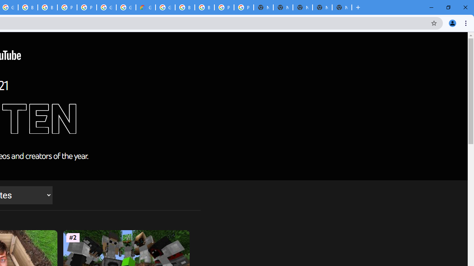 Image resolution: width=474 pixels, height=266 pixels. What do you see at coordinates (28, 7) in the screenshot?
I see `'Browse Chrome as a guest - Computer - Google Chrome Help'` at bounding box center [28, 7].